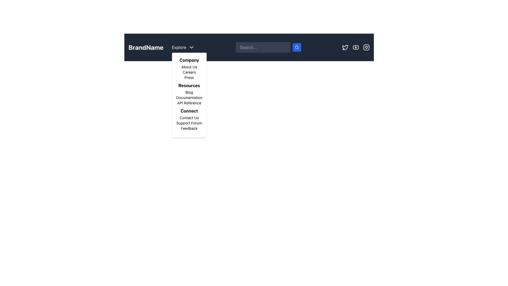 This screenshot has height=286, width=508. What do you see at coordinates (189, 72) in the screenshot?
I see `the Navigation link located in the dropdown menu of the website's navigation bar` at bounding box center [189, 72].